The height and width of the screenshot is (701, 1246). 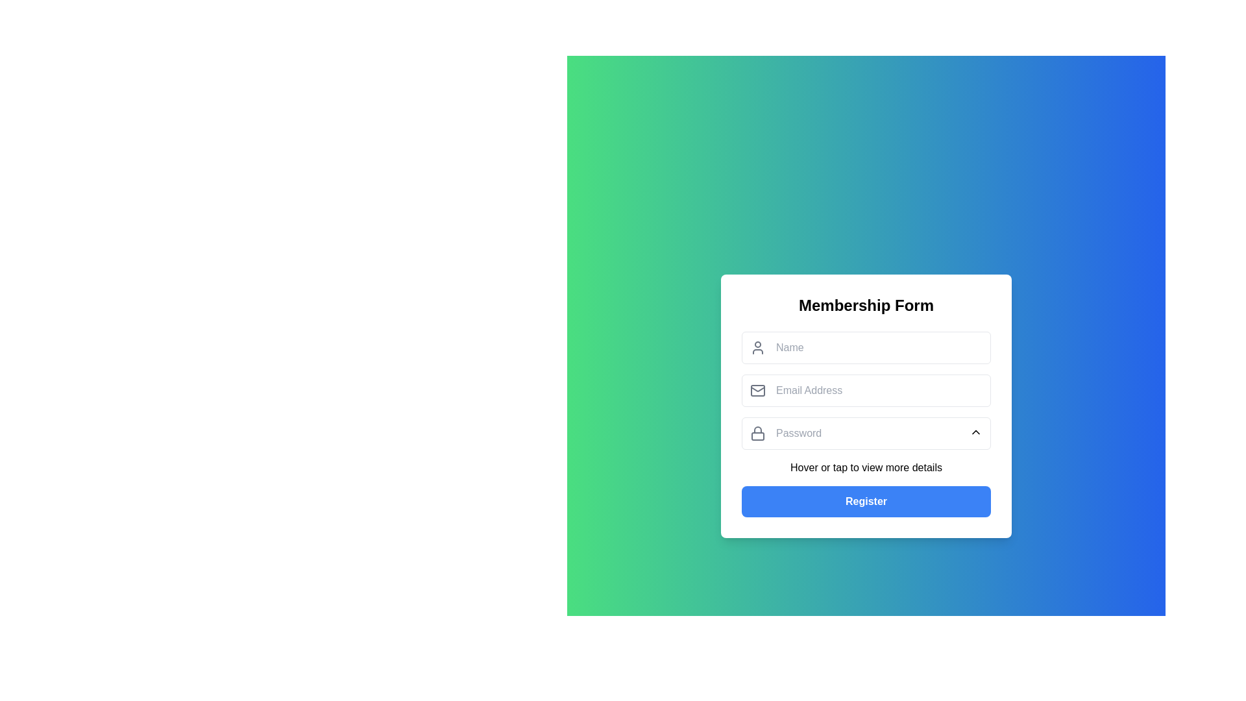 I want to click on instruction provided by the text label situated above the 'Register' button and below the password entry section, so click(x=866, y=468).